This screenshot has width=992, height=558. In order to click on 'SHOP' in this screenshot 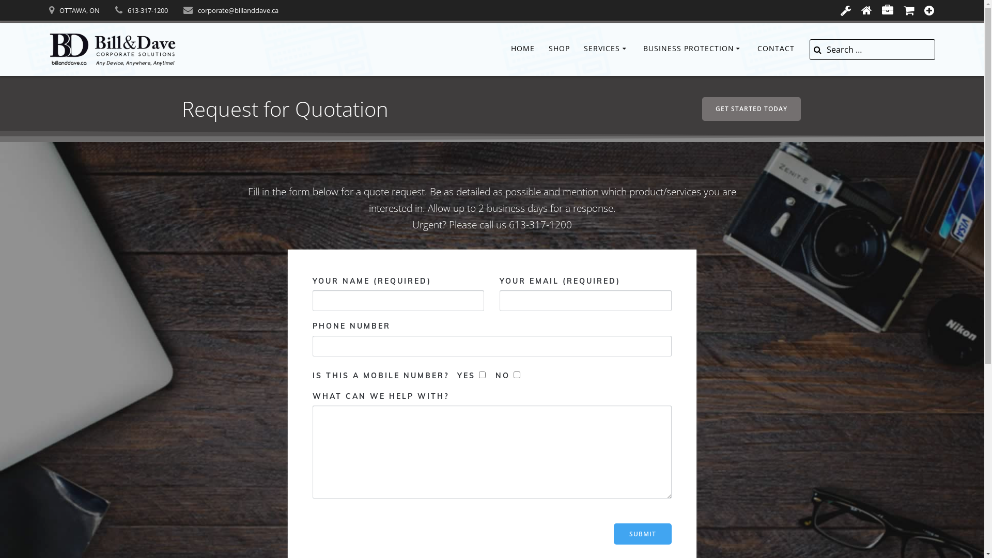, I will do `click(559, 49)`.